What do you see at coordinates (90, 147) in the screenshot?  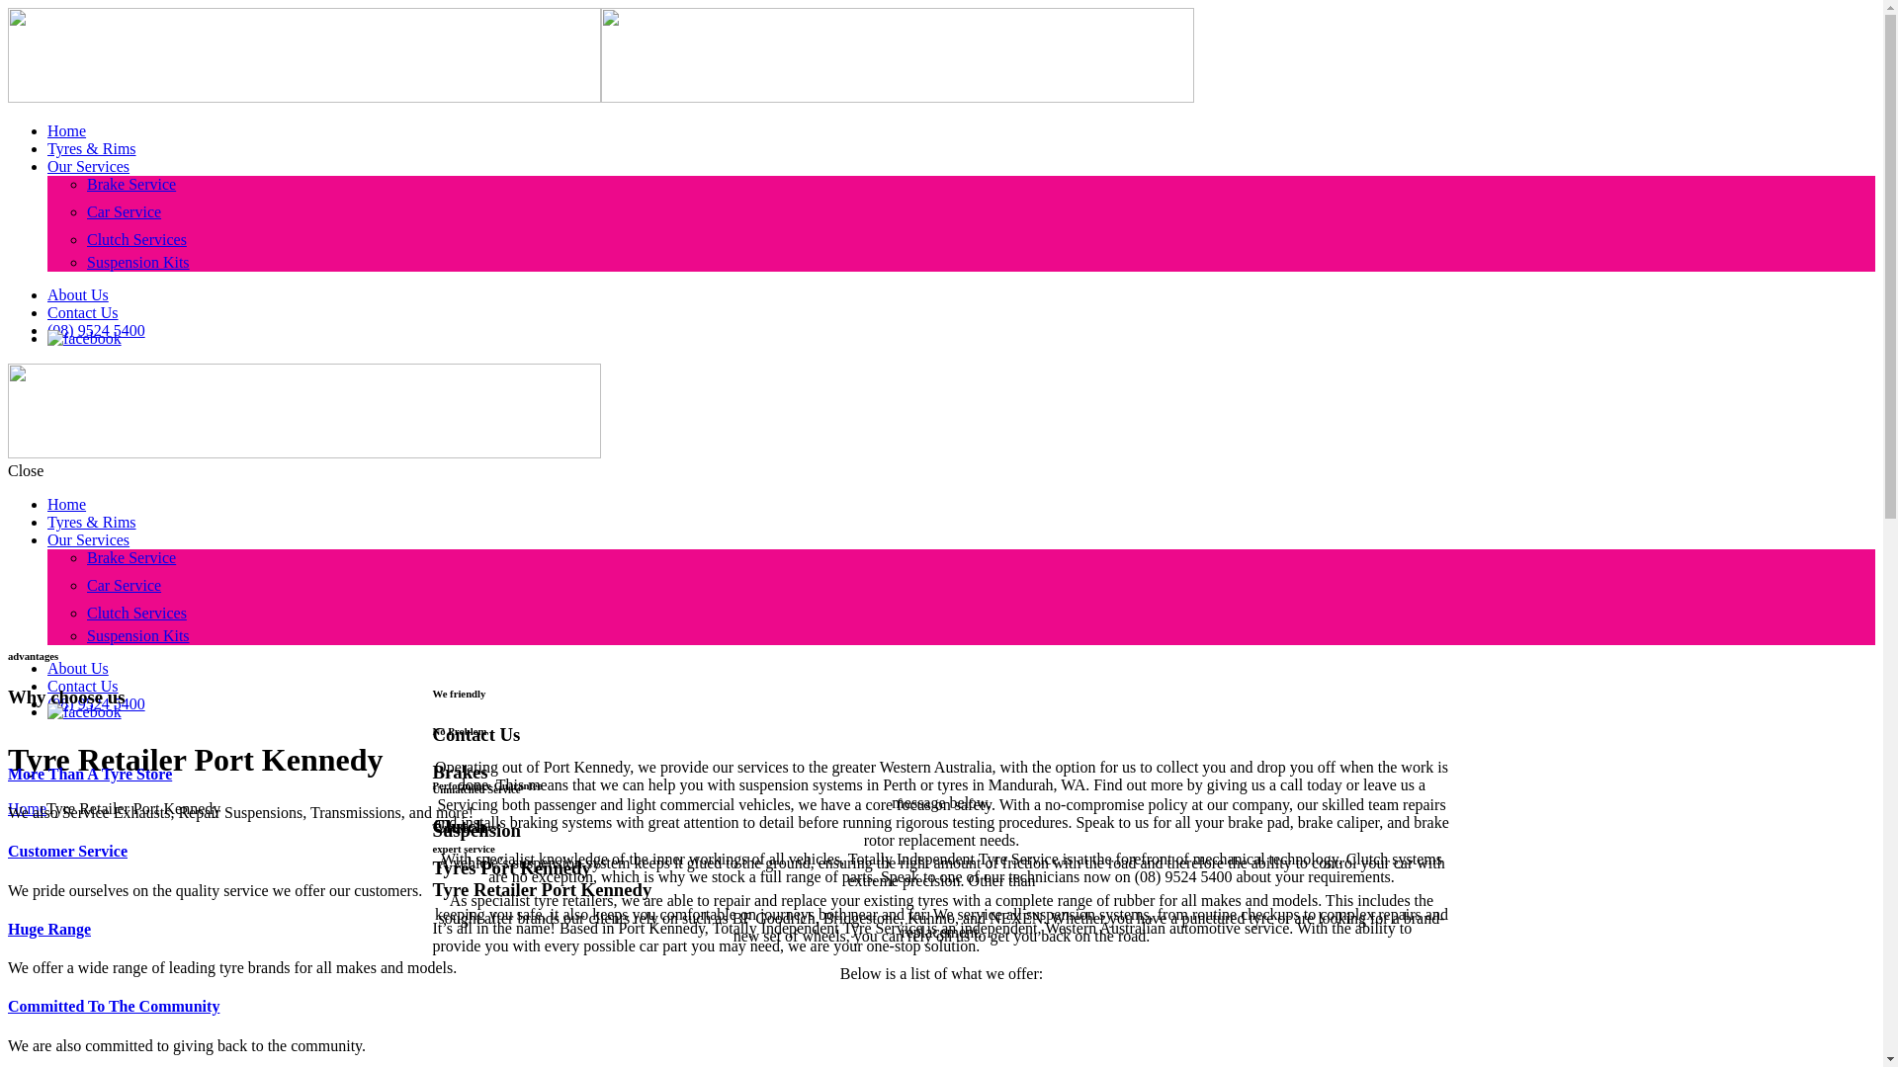 I see `'Tyres & Rims'` at bounding box center [90, 147].